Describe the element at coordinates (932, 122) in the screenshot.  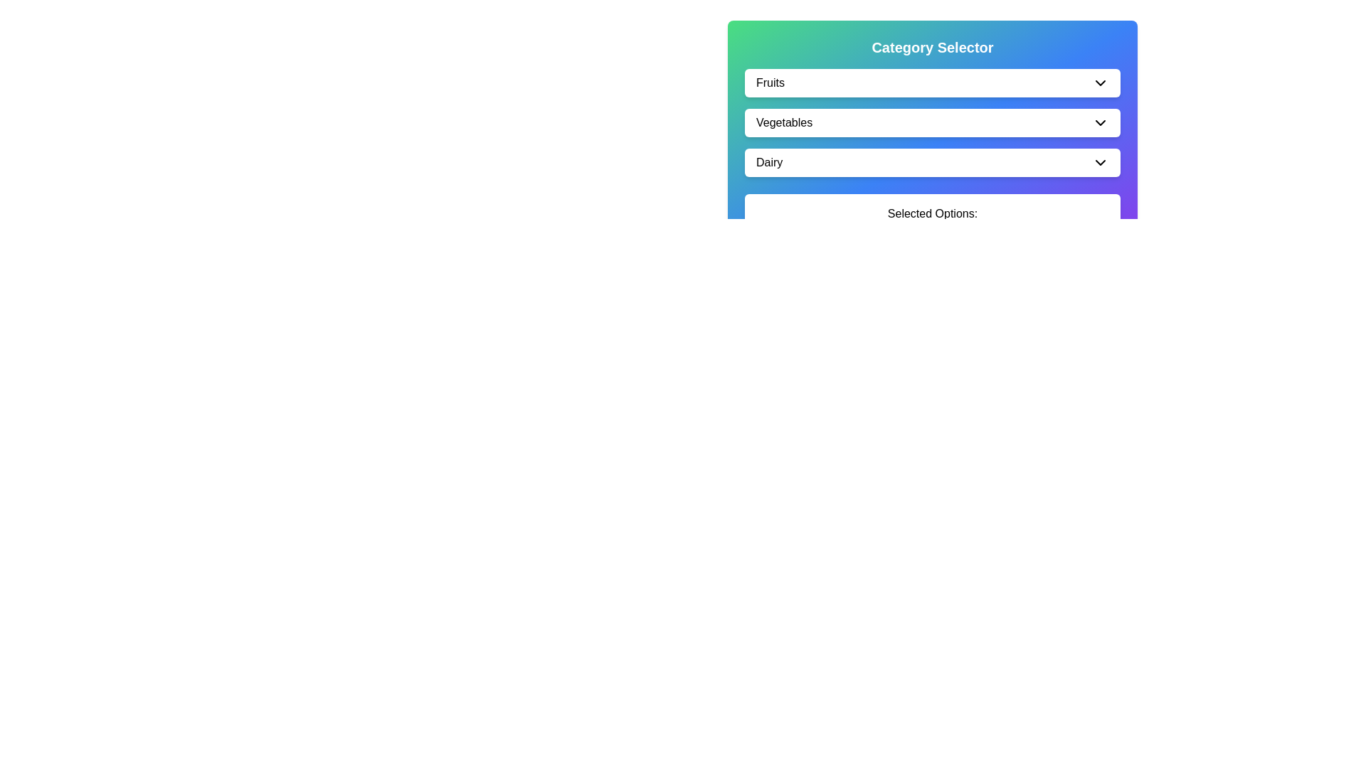
I see `the 'Vegetables' dropdown menu` at that location.